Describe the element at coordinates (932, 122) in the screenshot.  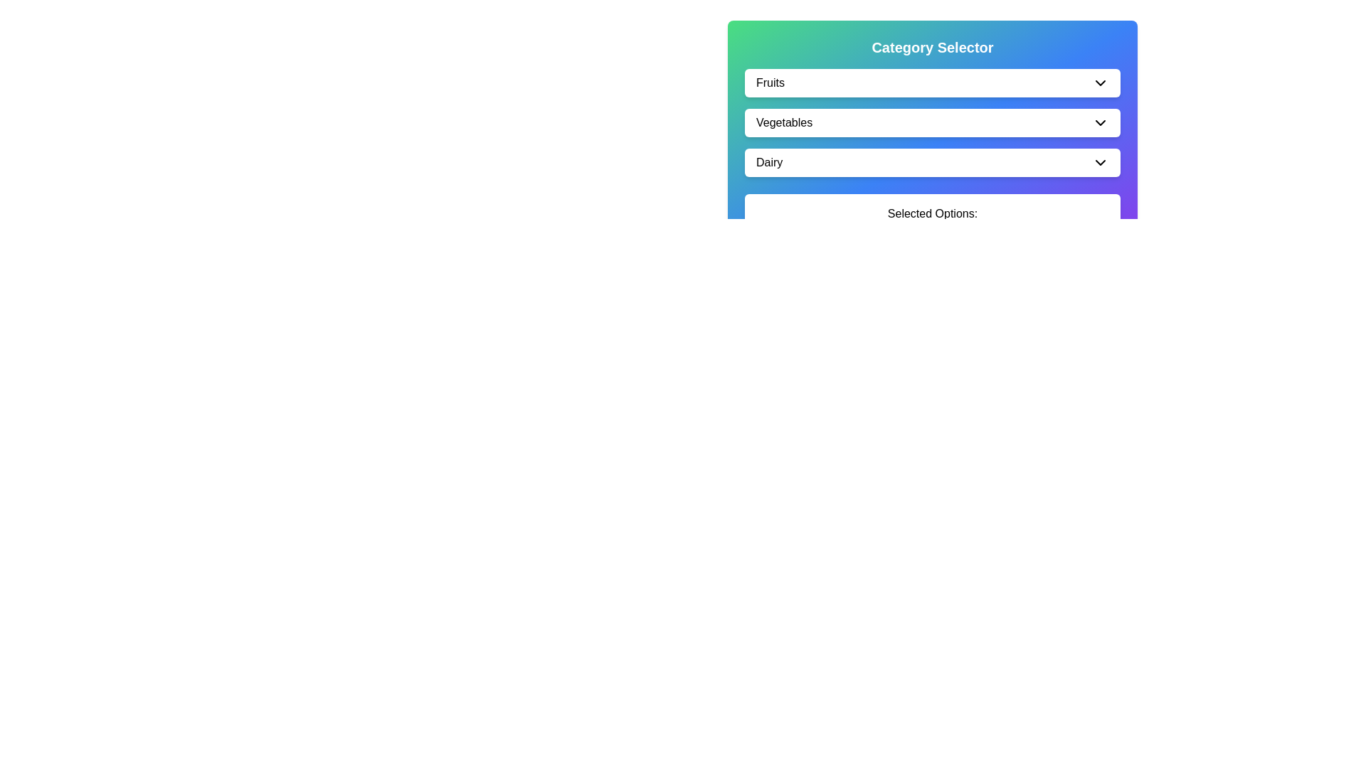
I see `the 'Vegetables' dropdown menu` at that location.